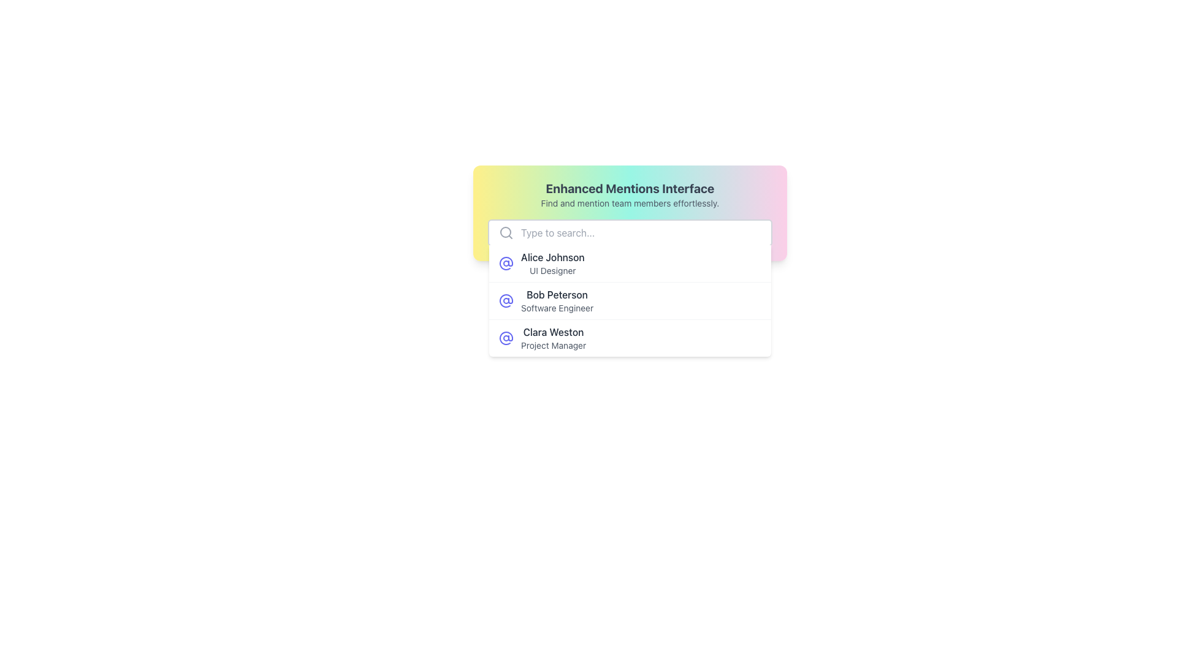 This screenshot has width=1177, height=662. What do you see at coordinates (552, 262) in the screenshot?
I see `the text display showing 'Alice Johnson' with the designation 'UI Designer', which is the first item` at bounding box center [552, 262].